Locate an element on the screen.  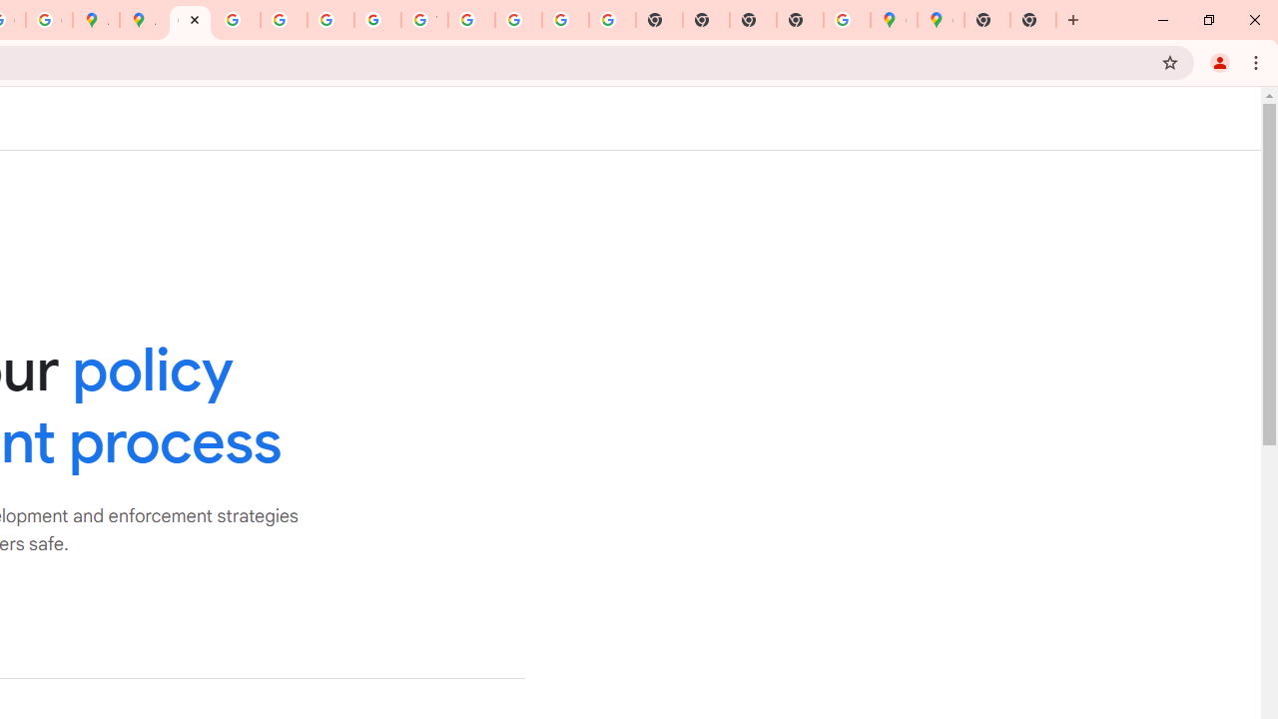
'Privacy Help Center - Policies Help' is located at coordinates (283, 20).